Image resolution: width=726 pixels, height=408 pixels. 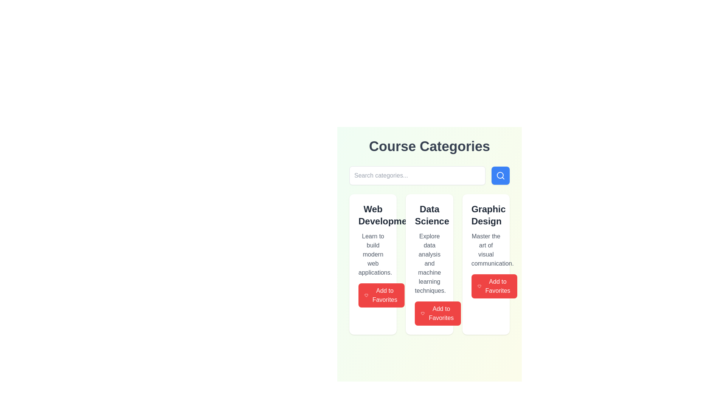 What do you see at coordinates (501, 176) in the screenshot?
I see `the blue rectangular button with rounded corners, which has a white search icon (magnifying glass) centered within it, to initiate a search` at bounding box center [501, 176].